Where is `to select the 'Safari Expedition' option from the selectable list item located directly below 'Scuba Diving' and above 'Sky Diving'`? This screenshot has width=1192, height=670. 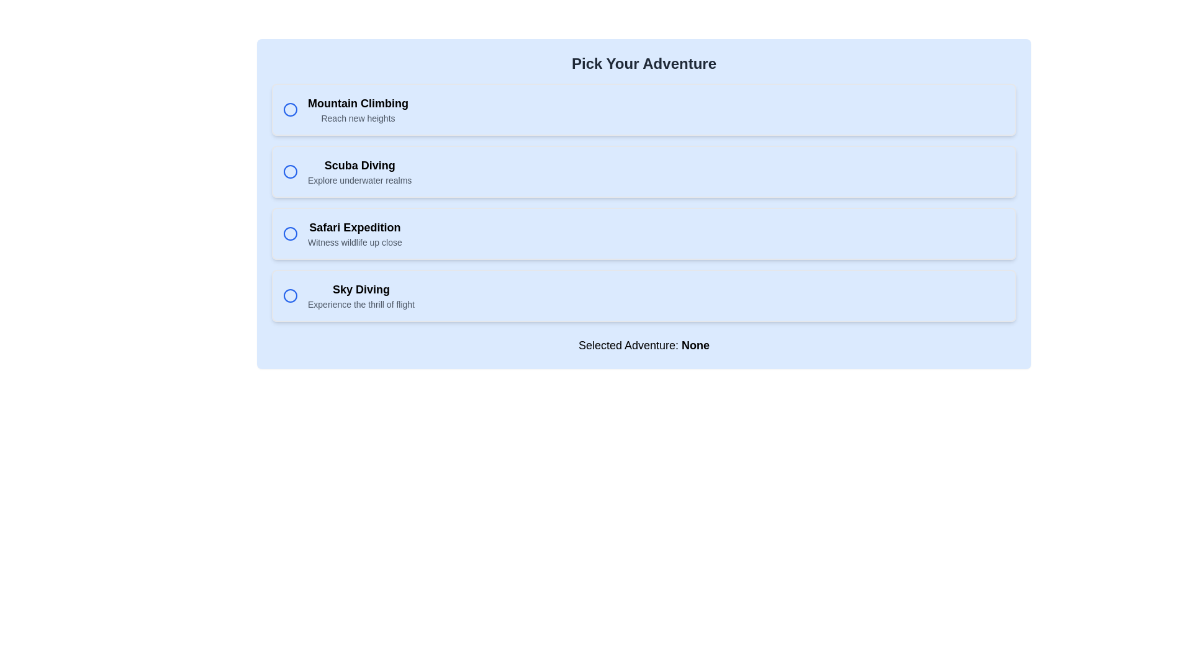 to select the 'Safari Expedition' option from the selectable list item located directly below 'Scuba Diving' and above 'Sky Diving' is located at coordinates (644, 234).